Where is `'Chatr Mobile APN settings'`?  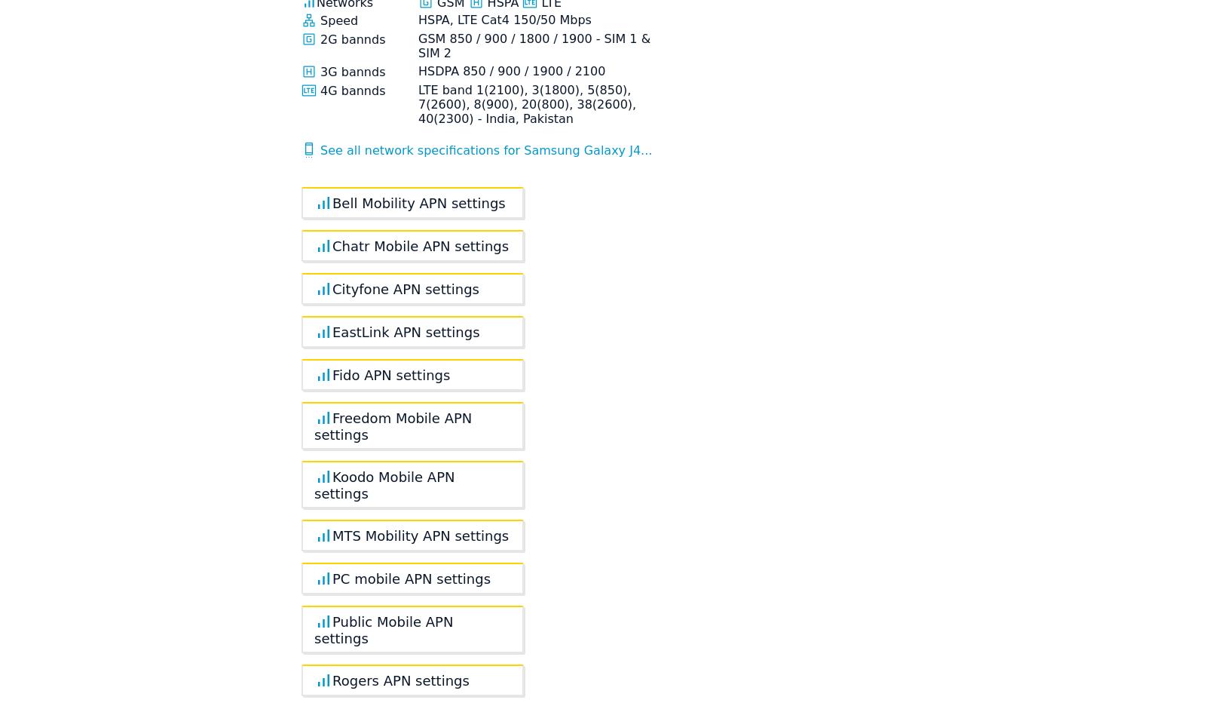 'Chatr Mobile APN settings' is located at coordinates (331, 245).